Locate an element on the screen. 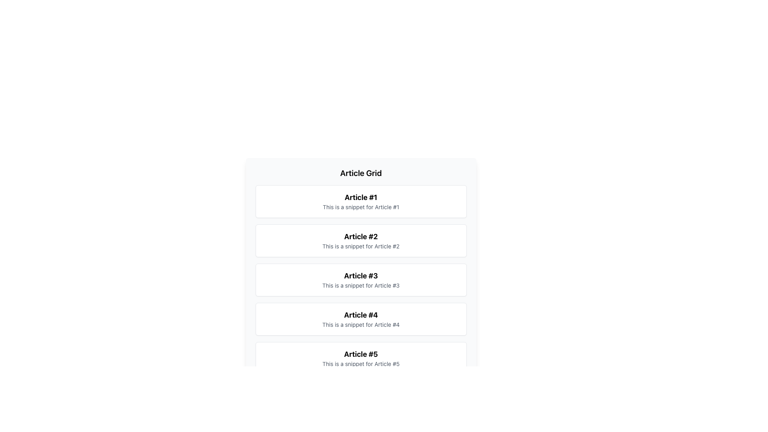 The width and height of the screenshot is (768, 432). the header text label that categorizes the content as 'Article Grid', which is centrally positioned at the top of the section is located at coordinates (360, 172).